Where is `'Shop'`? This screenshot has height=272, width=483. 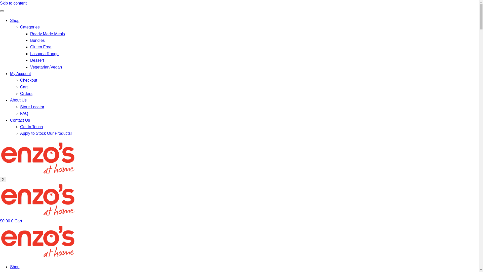
'Shop' is located at coordinates (15, 266).